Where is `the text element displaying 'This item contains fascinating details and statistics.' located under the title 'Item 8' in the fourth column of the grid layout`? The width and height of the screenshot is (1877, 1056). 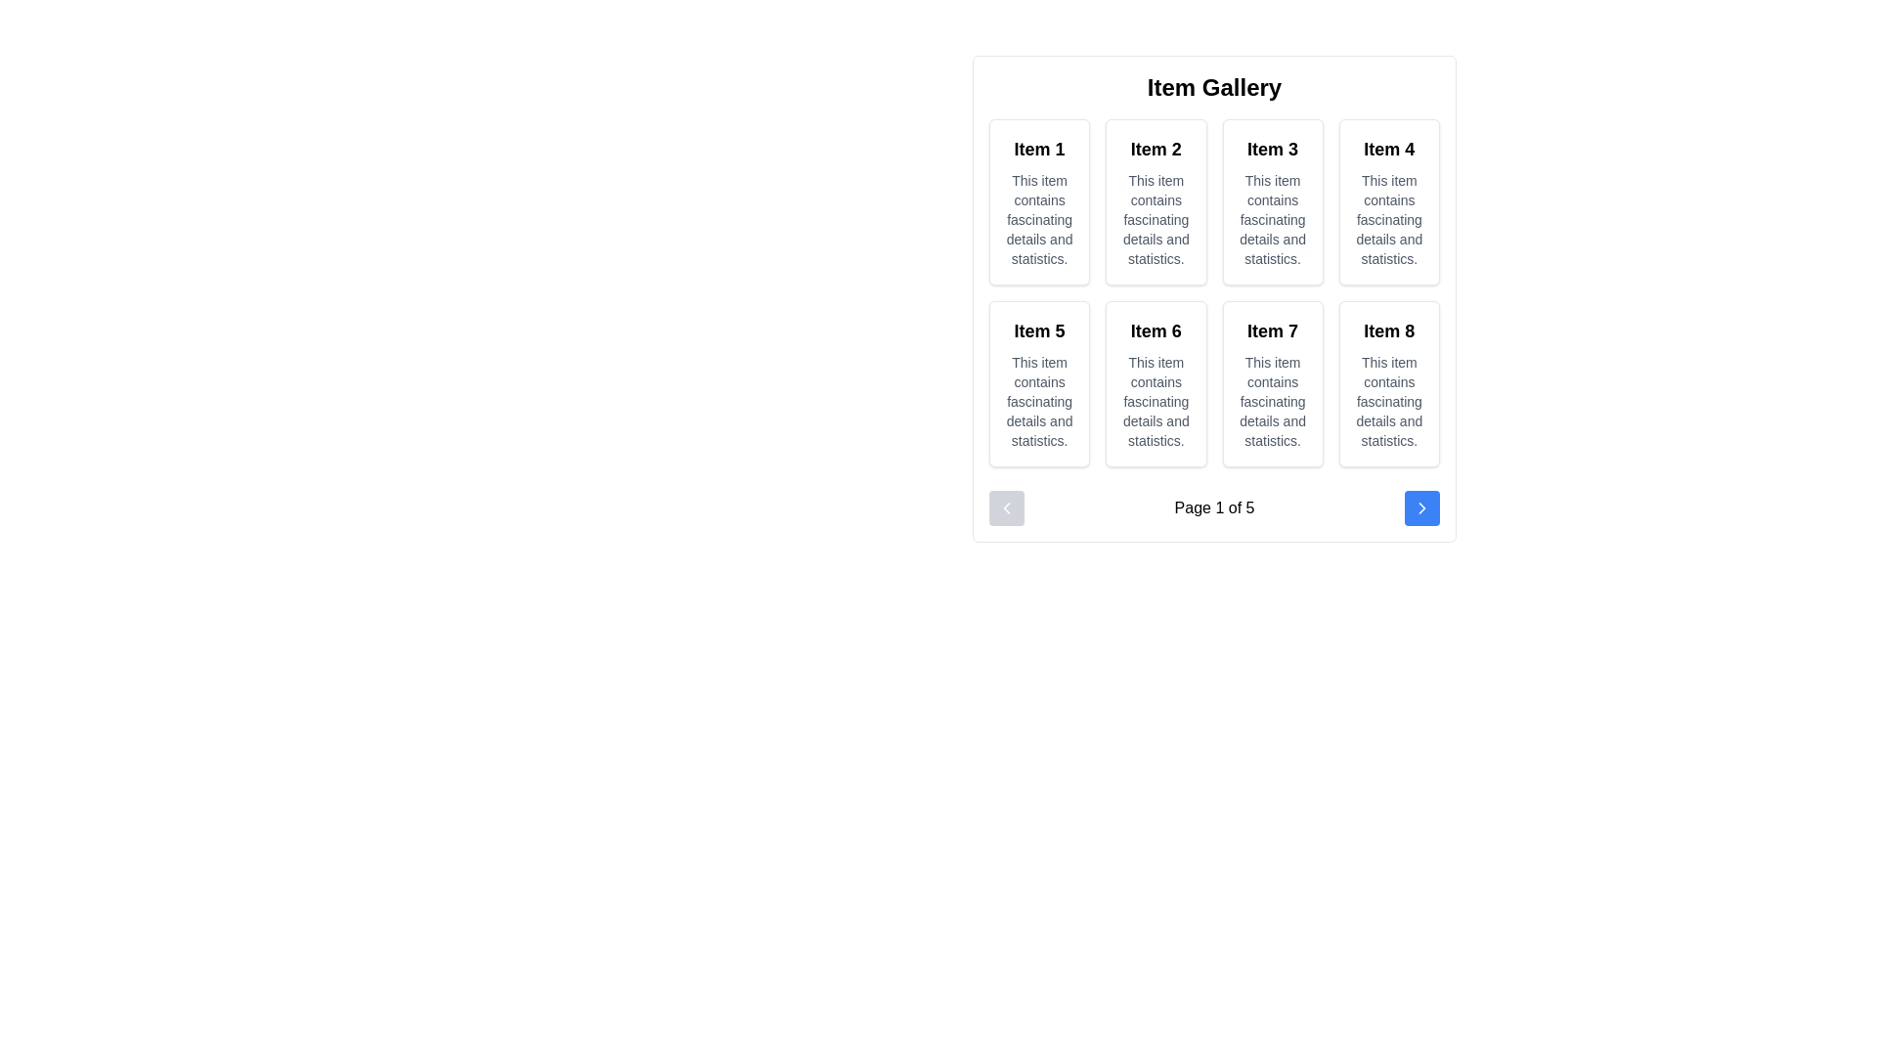
the text element displaying 'This item contains fascinating details and statistics.' located under the title 'Item 8' in the fourth column of the grid layout is located at coordinates (1388, 401).